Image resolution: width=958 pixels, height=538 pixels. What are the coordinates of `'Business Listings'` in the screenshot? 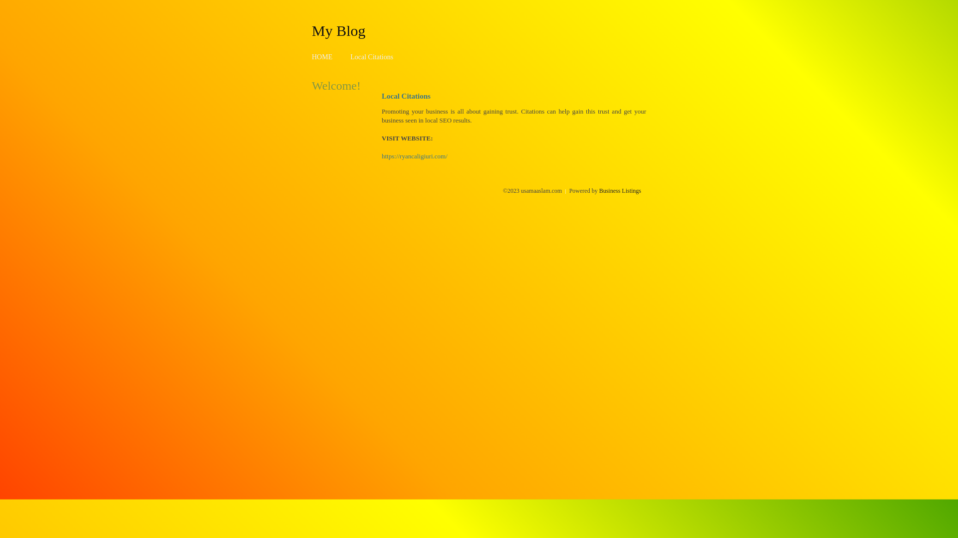 It's located at (620, 190).